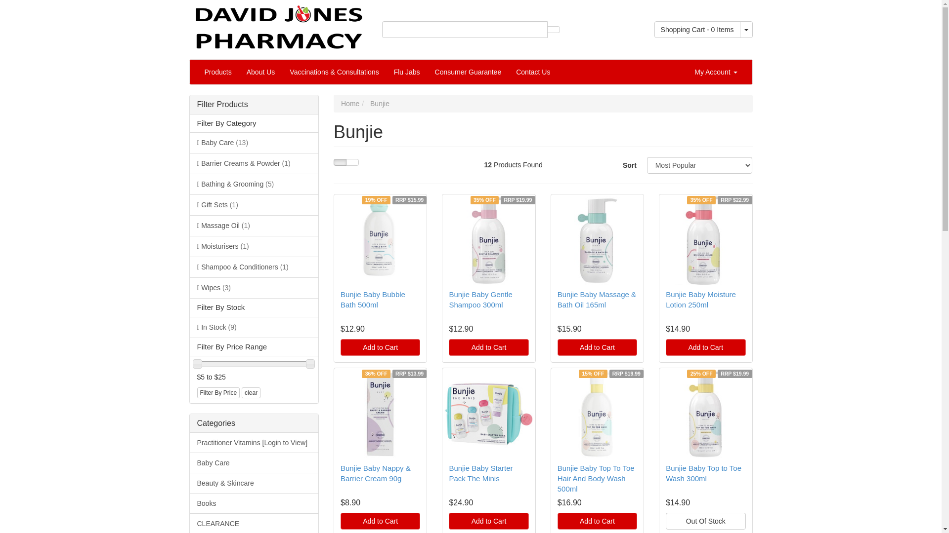  Describe the element at coordinates (380, 347) in the screenshot. I see `'Add to Cart'` at that location.